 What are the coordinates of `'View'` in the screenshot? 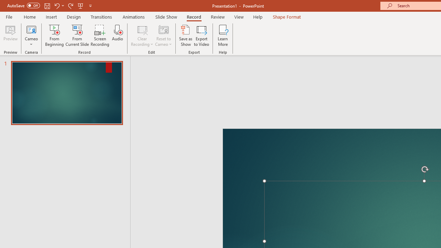 It's located at (239, 17).